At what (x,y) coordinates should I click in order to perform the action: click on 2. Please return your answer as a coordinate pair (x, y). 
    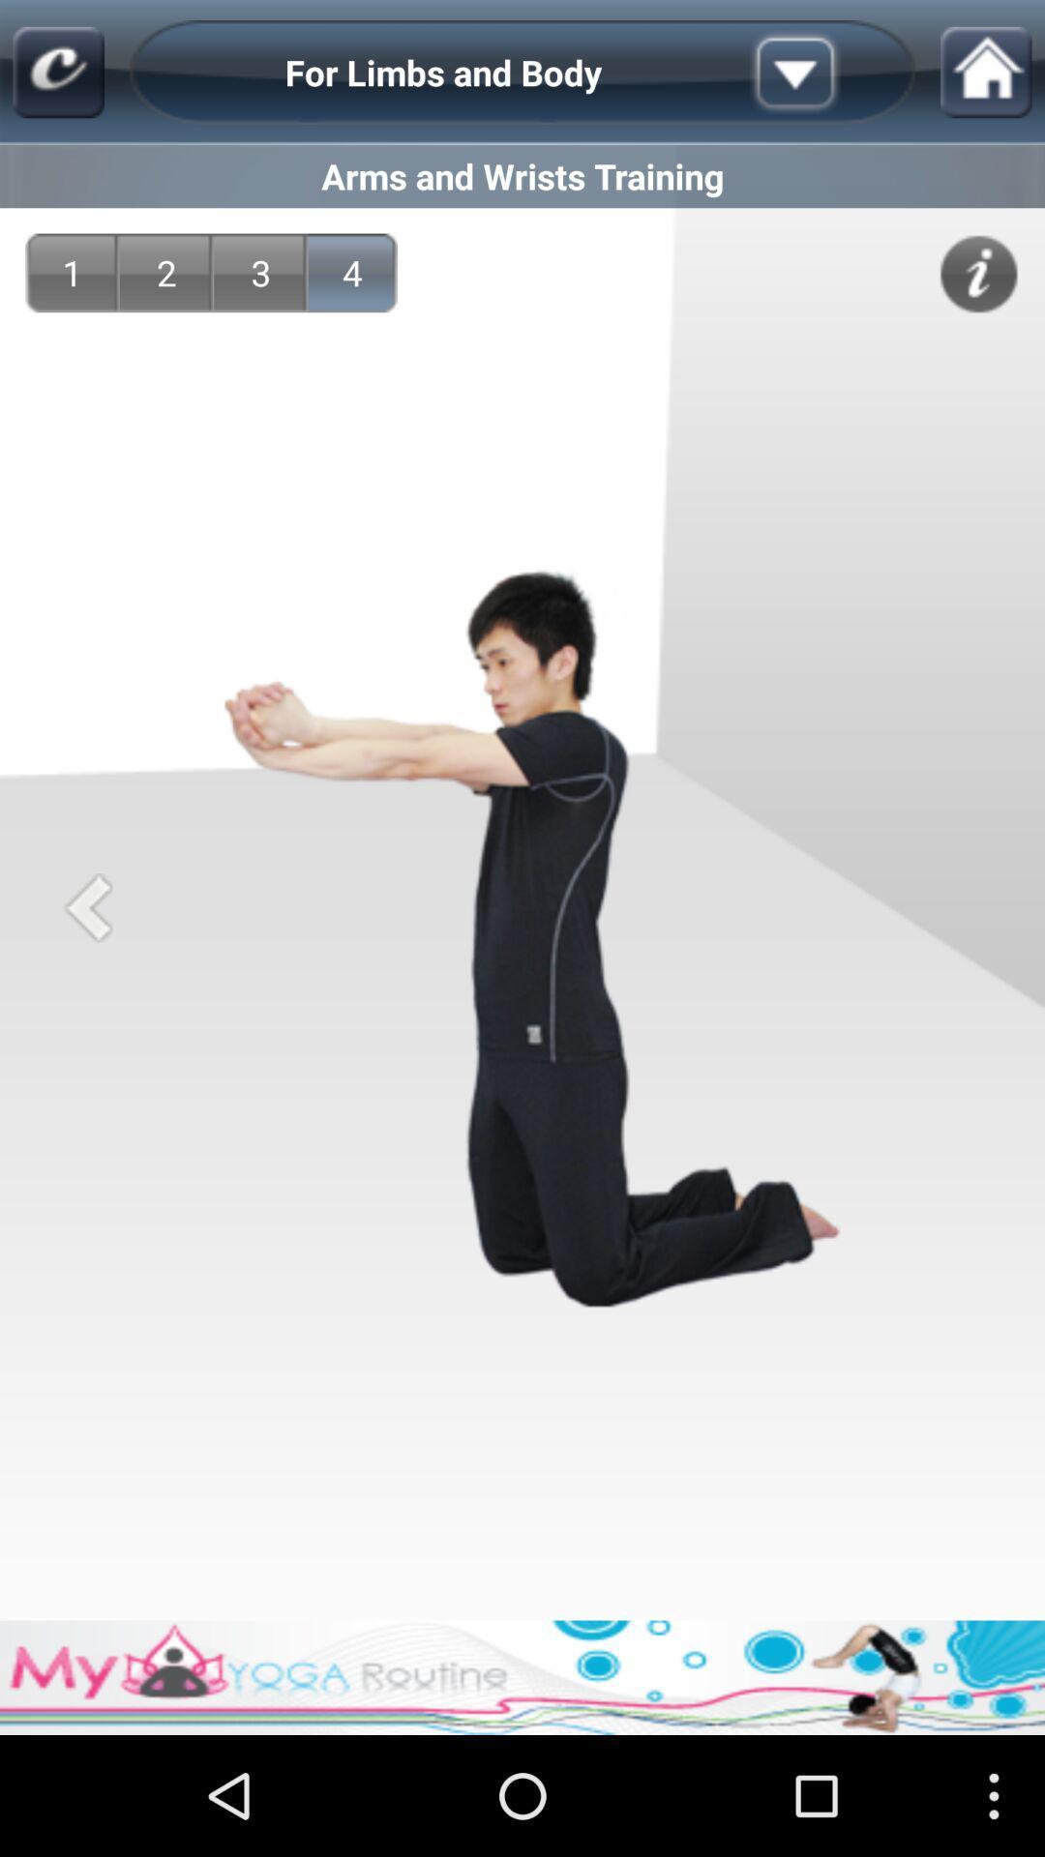
    Looking at the image, I should click on (165, 272).